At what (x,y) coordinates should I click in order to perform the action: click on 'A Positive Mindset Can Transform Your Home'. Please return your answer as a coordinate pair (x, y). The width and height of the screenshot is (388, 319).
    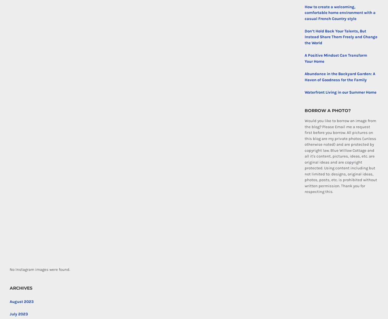
    Looking at the image, I should click on (304, 58).